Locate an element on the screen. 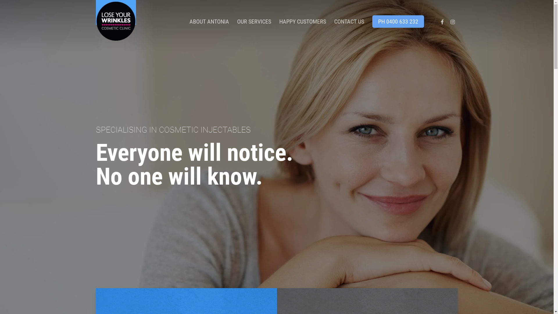 This screenshot has width=558, height=314. 'PH 0400 633 232' is located at coordinates (372, 21).